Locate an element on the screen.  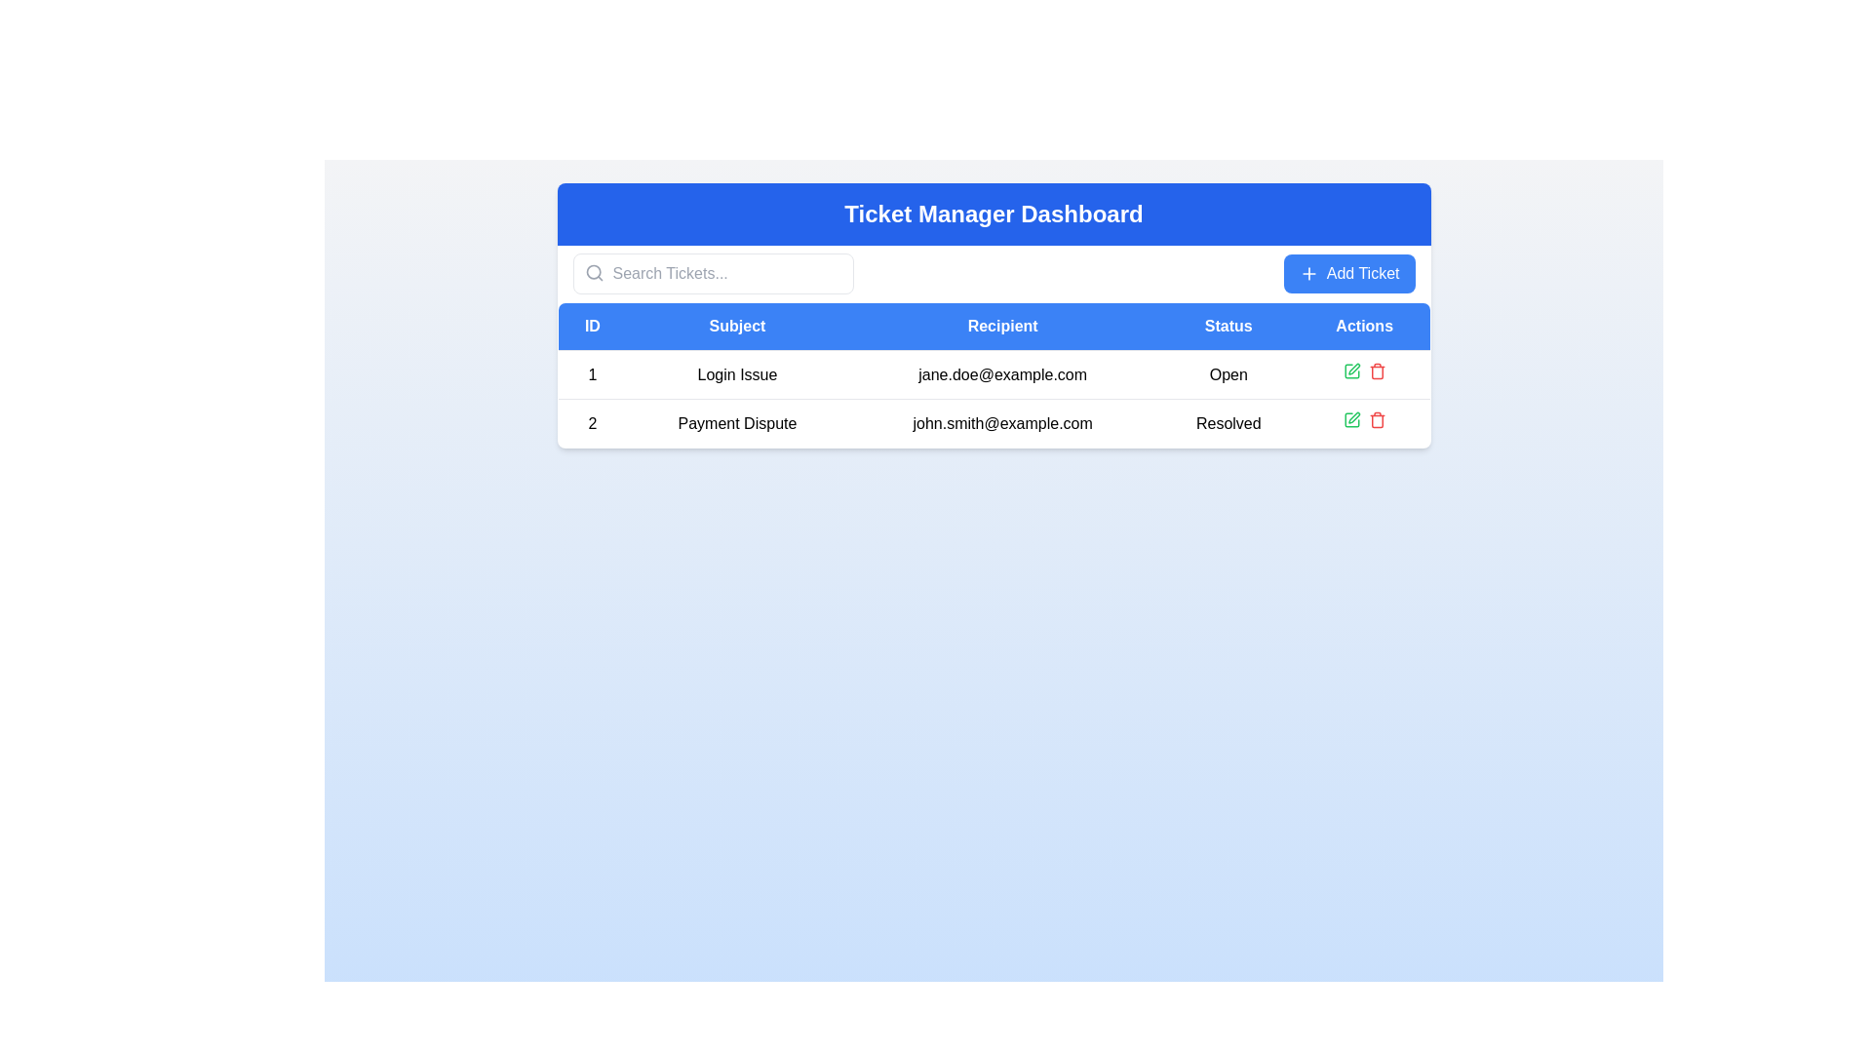
the static text label displaying 'Login Issue' in black font, which is positioned under the 'Subject' column in the ticket table is located at coordinates (736, 374).